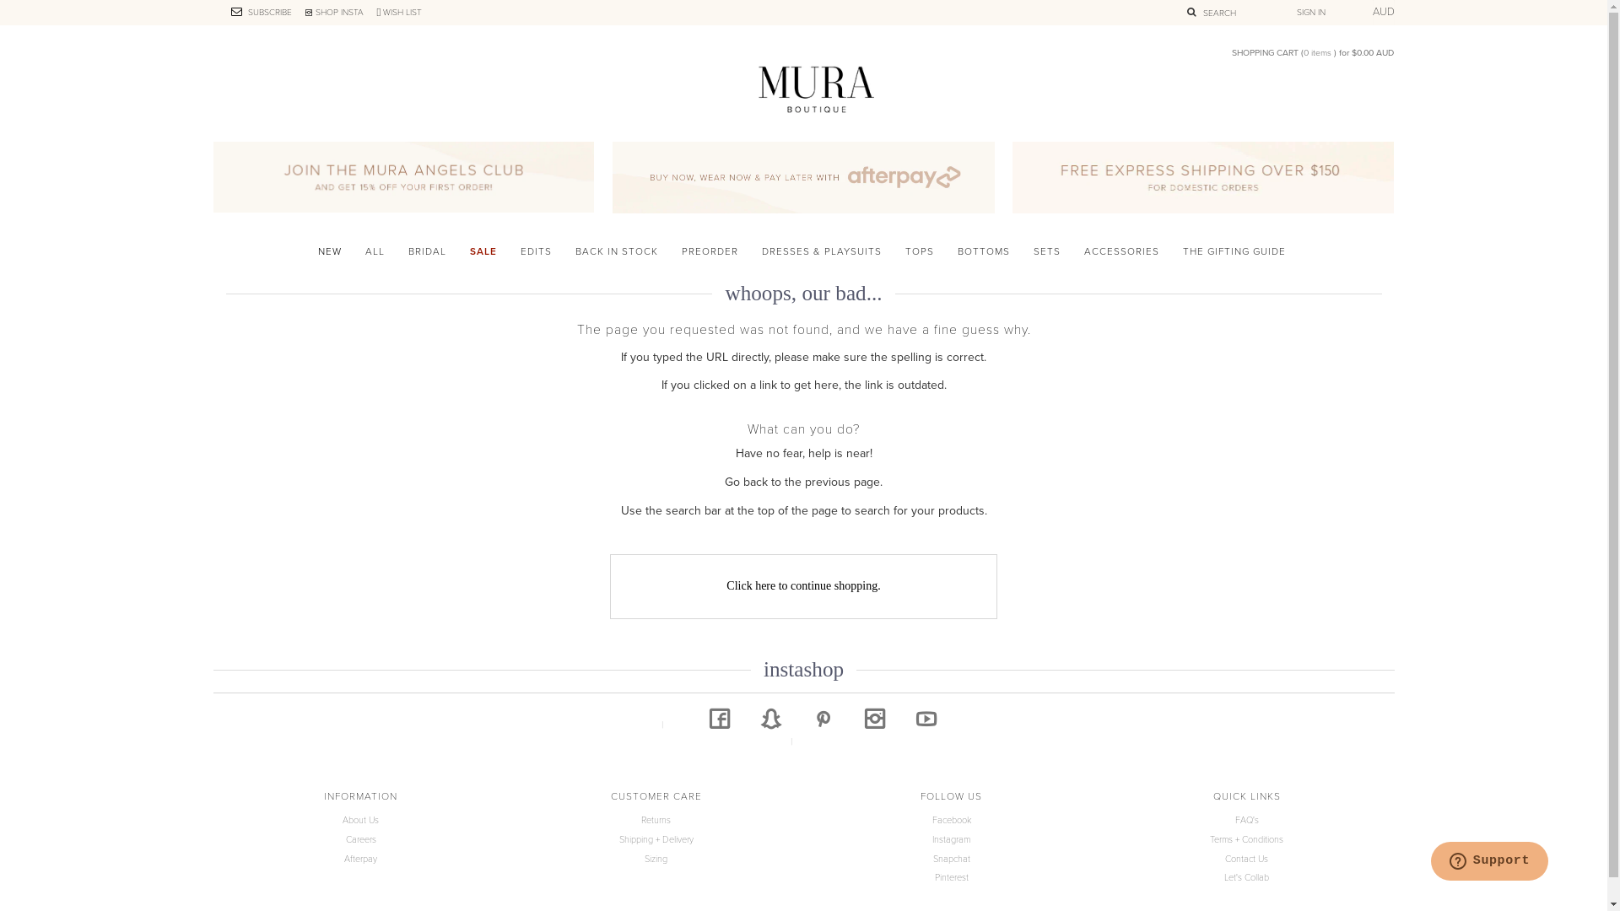 The height and width of the screenshot is (911, 1620). What do you see at coordinates (655, 819) in the screenshot?
I see `'Returns'` at bounding box center [655, 819].